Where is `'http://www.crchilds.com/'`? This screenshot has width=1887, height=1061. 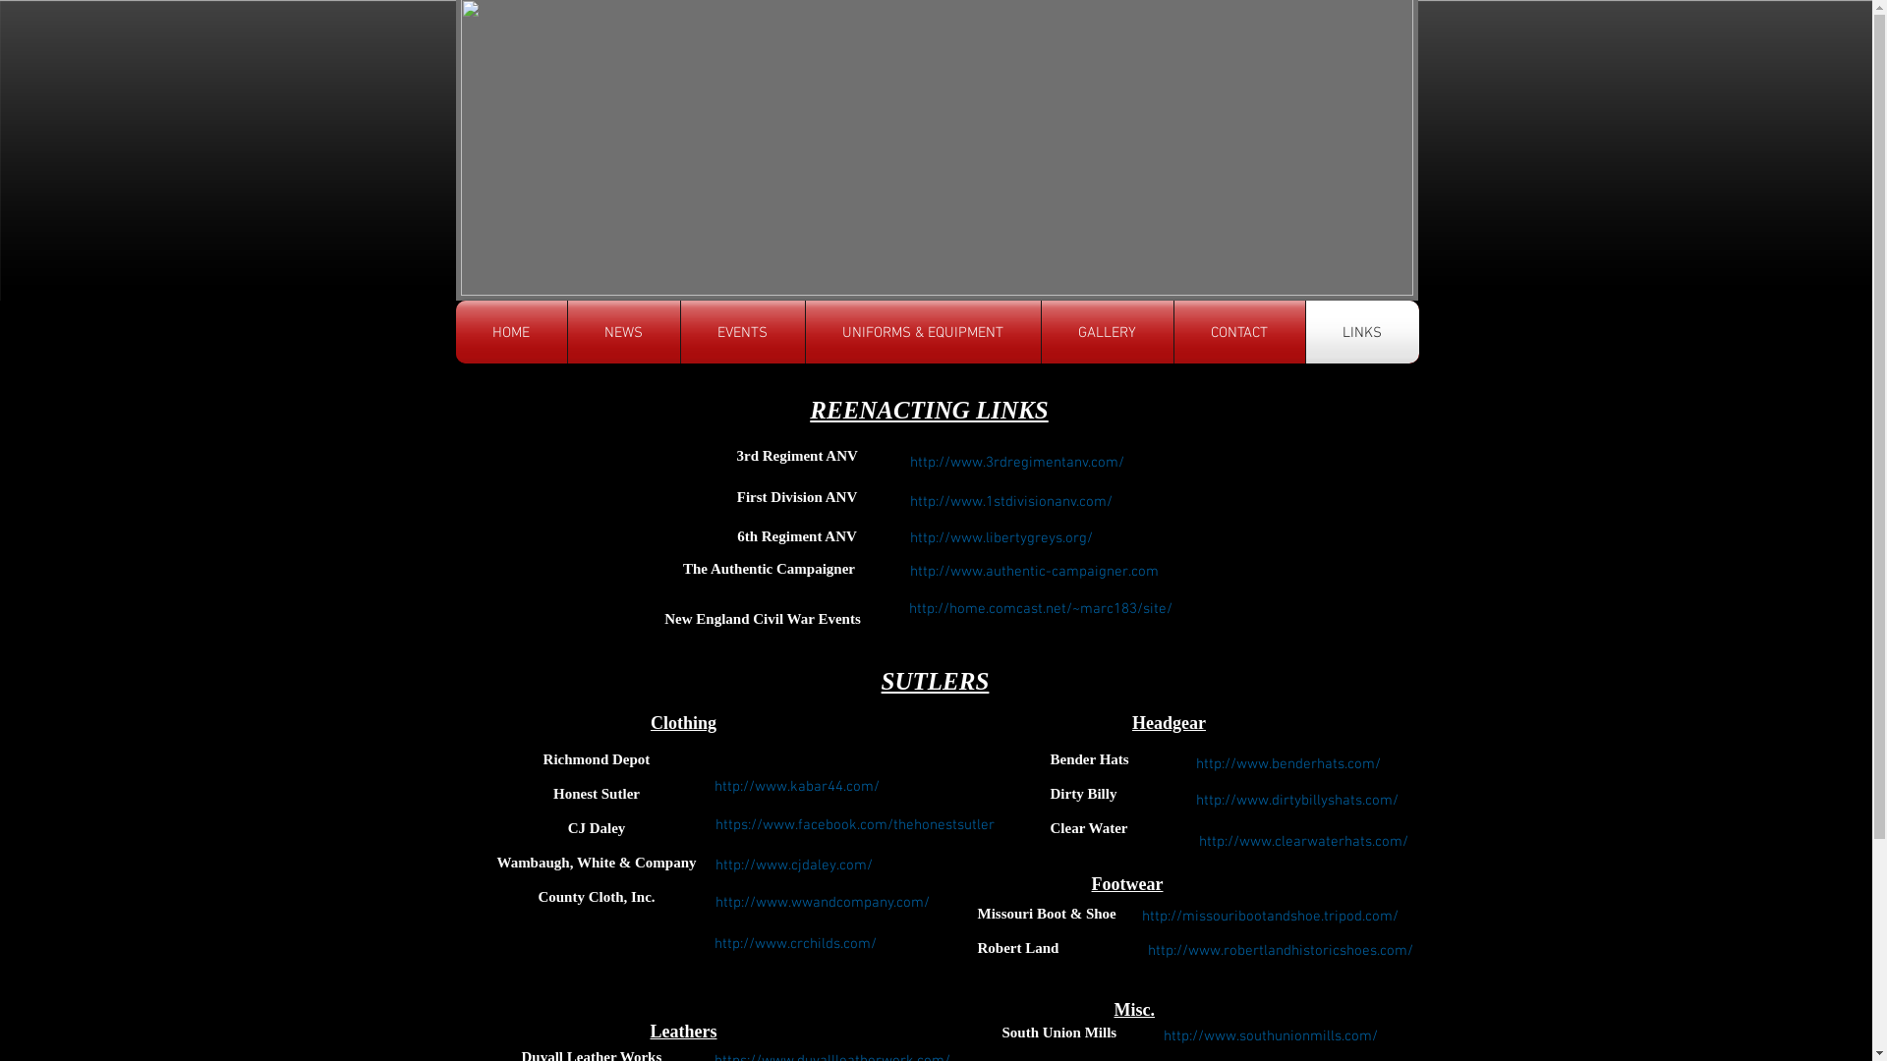
'http://www.crchilds.com/' is located at coordinates (796, 941).